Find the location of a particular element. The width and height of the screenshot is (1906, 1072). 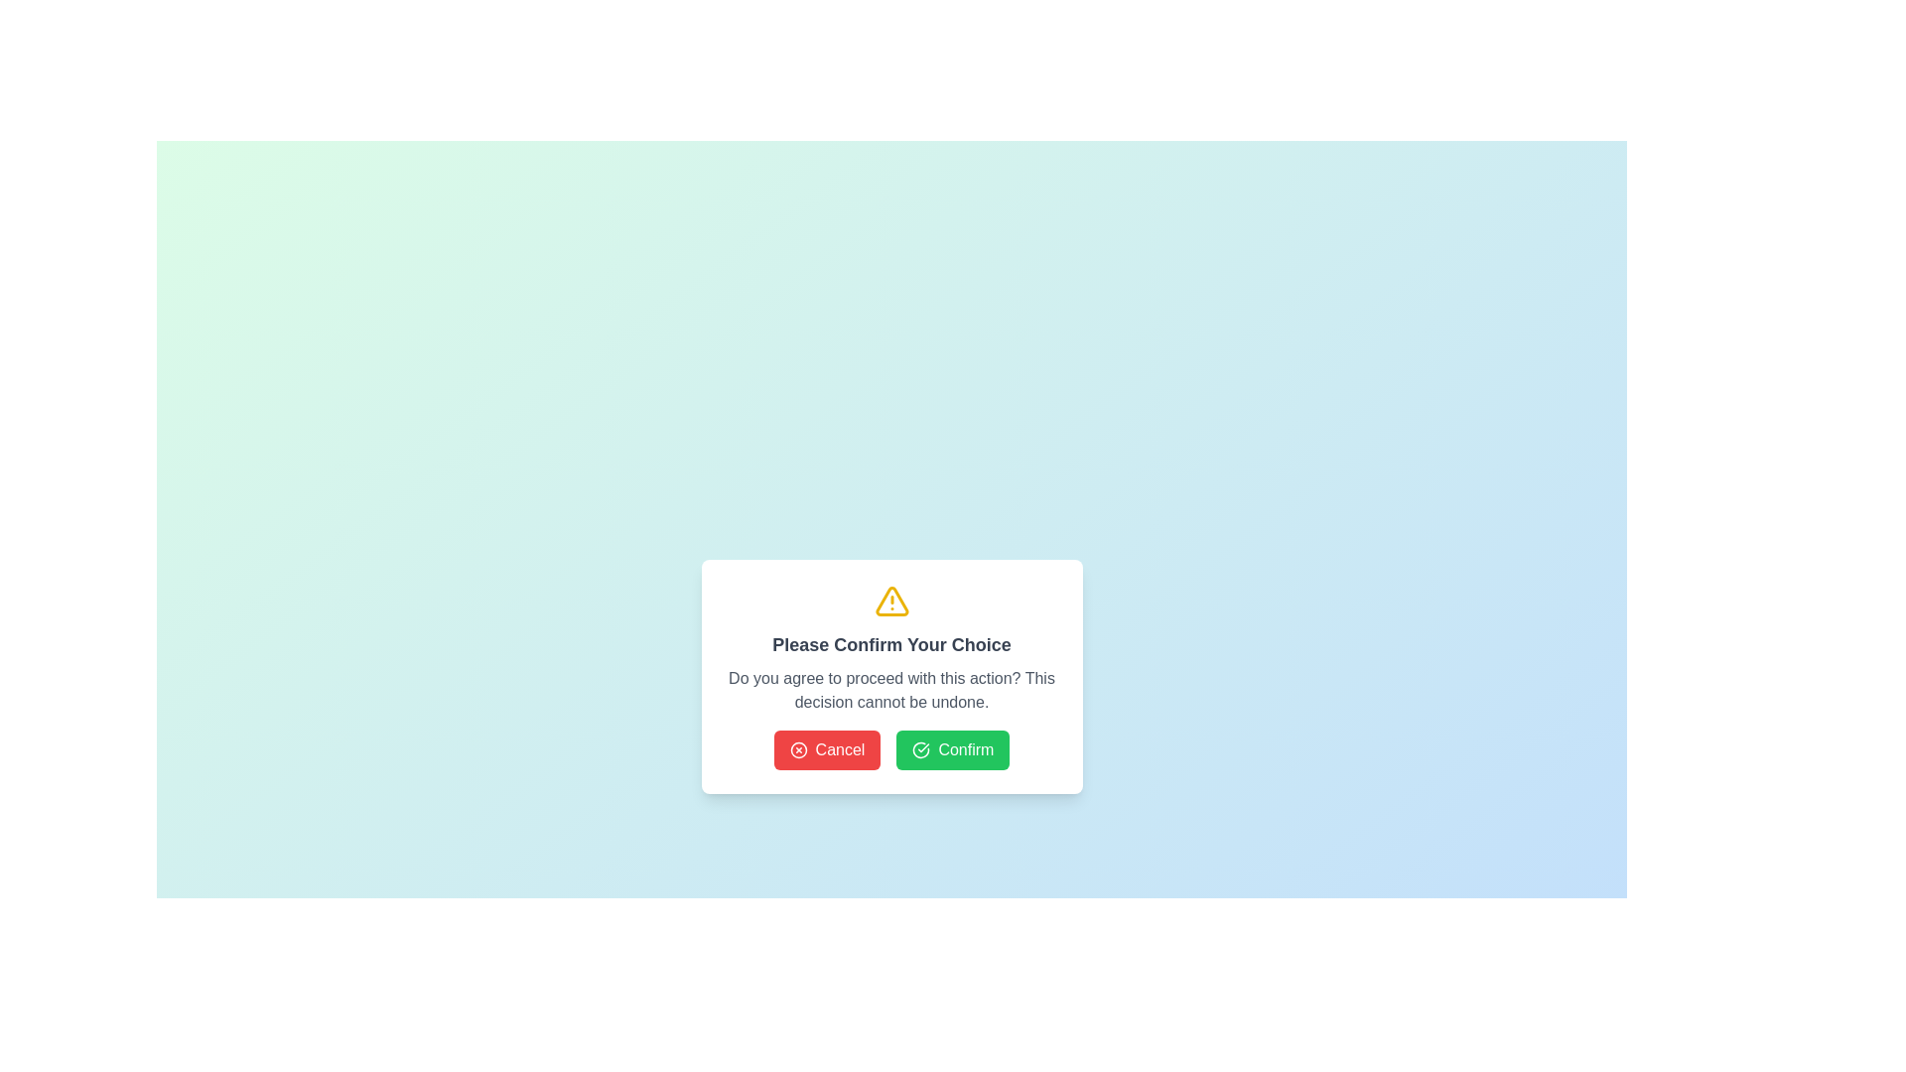

the rounded red 'Cancel' button with white text and an 'X' icon is located at coordinates (827, 750).